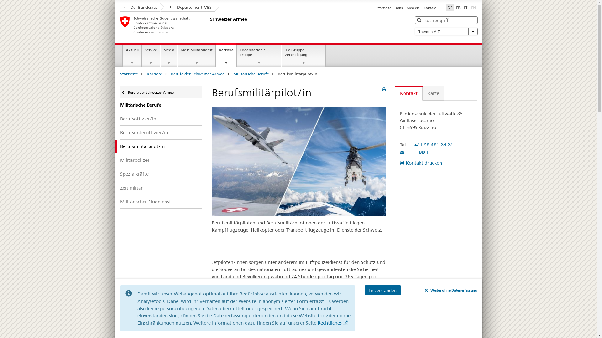  What do you see at coordinates (140, 7) in the screenshot?
I see `'Der Bundesrat'` at bounding box center [140, 7].